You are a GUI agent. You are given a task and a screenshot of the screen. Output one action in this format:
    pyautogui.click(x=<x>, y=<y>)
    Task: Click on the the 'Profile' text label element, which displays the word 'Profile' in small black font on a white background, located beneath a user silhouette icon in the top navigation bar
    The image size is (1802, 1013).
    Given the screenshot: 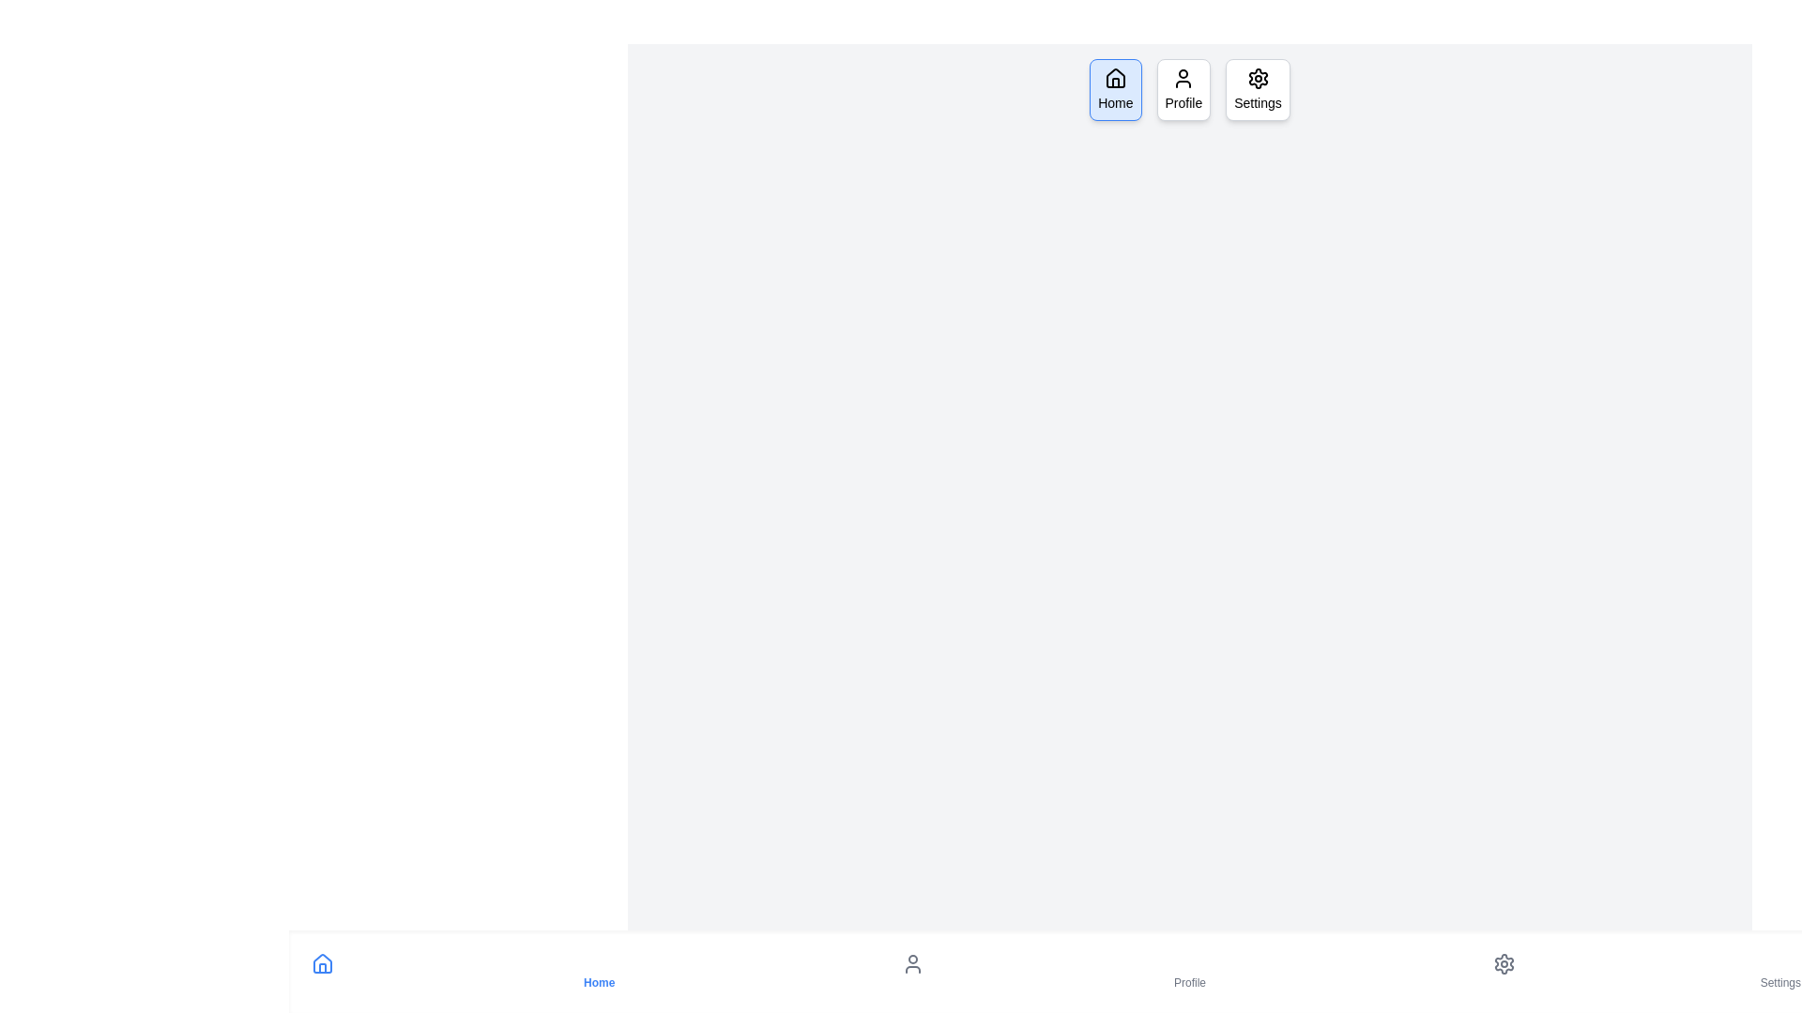 What is the action you would take?
    pyautogui.click(x=1183, y=103)
    